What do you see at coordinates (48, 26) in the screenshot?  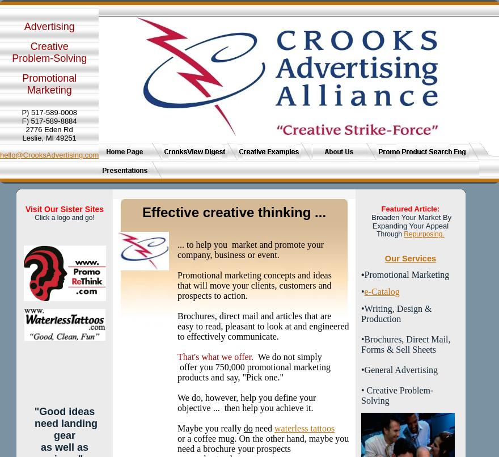 I see `'Advertising'` at bounding box center [48, 26].